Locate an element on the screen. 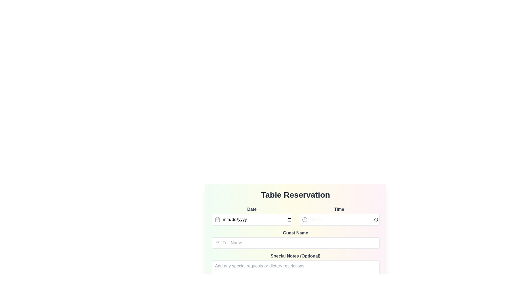 The height and width of the screenshot is (290, 517). the icons associated with the Time entry field in the upper-right corner of the 'Table Reservation' form is located at coordinates (339, 215).